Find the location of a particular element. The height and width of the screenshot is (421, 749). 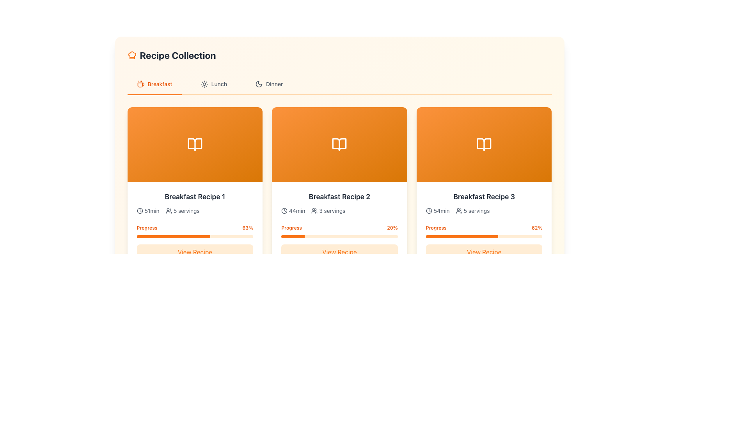

the progress indication of the Progress Bar within the 'Breakfast Recipe 2' card, located between the '3 servings' text and the 'View Recipe' button is located at coordinates (339, 229).